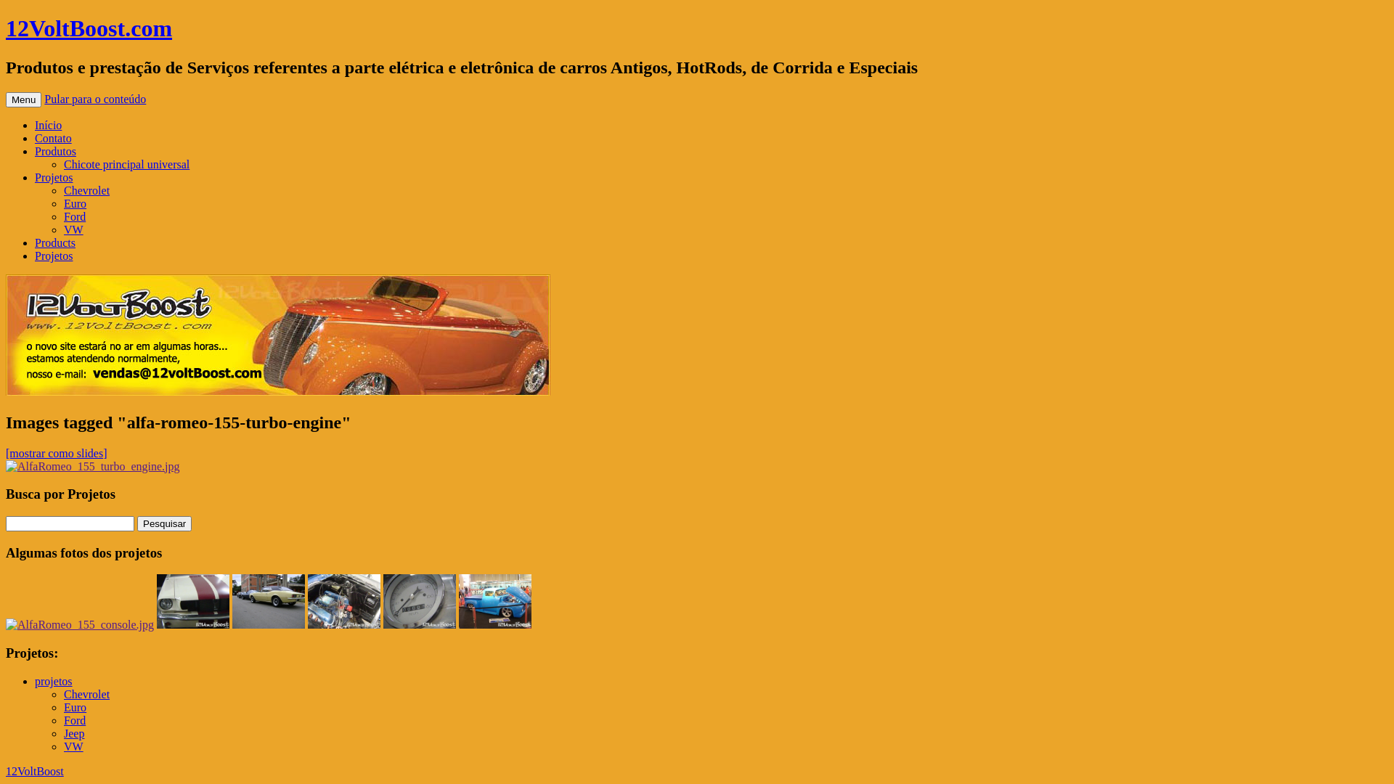 This screenshot has width=1394, height=784. What do you see at coordinates (164, 523) in the screenshot?
I see `'Pesquisar'` at bounding box center [164, 523].